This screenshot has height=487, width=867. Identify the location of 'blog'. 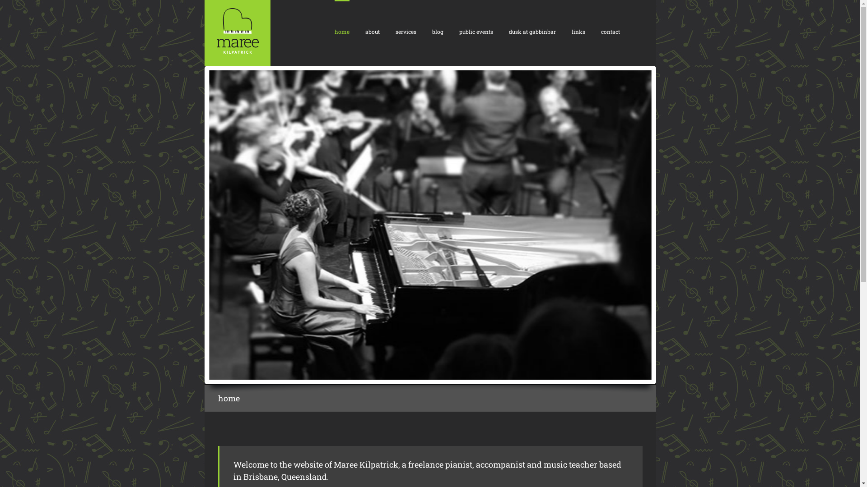
(437, 31).